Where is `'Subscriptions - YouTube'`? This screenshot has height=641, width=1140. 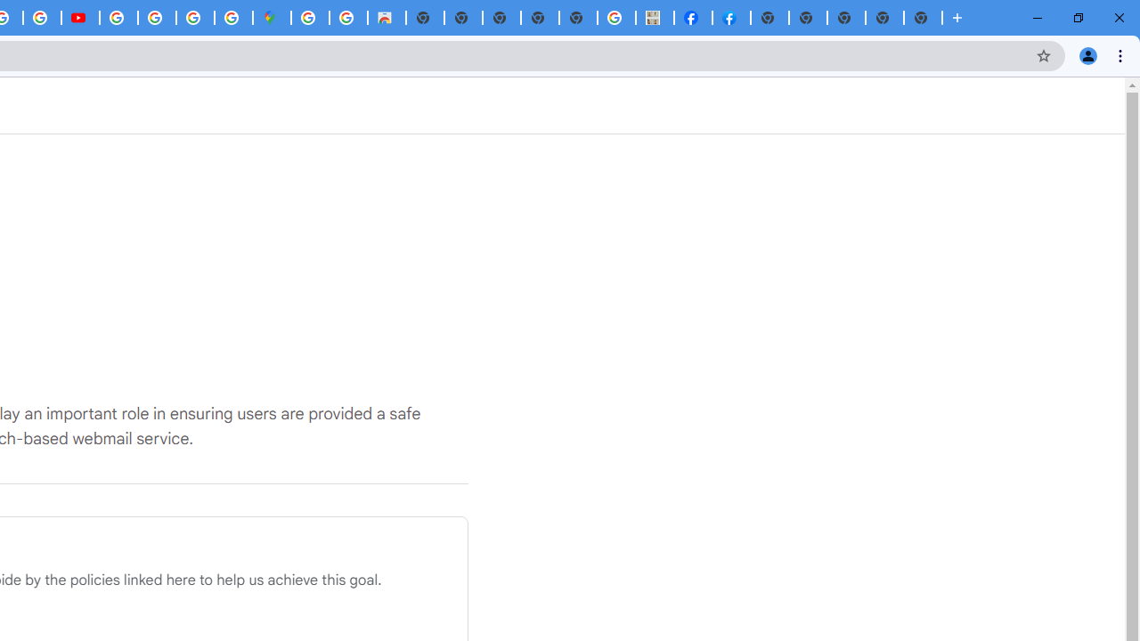
'Subscriptions - YouTube' is located at coordinates (79, 18).